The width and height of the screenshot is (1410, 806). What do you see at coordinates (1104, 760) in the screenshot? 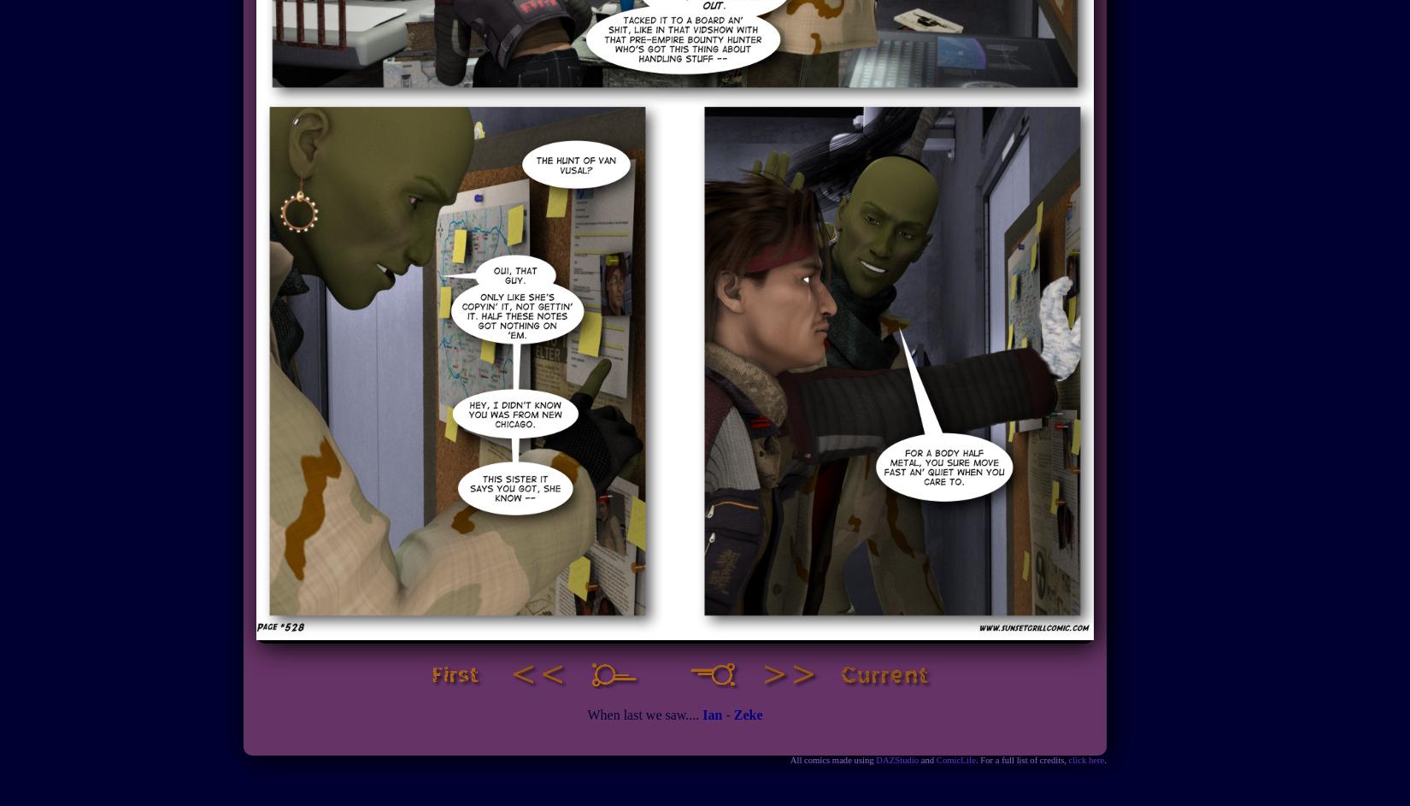
I see `'.'` at bounding box center [1104, 760].